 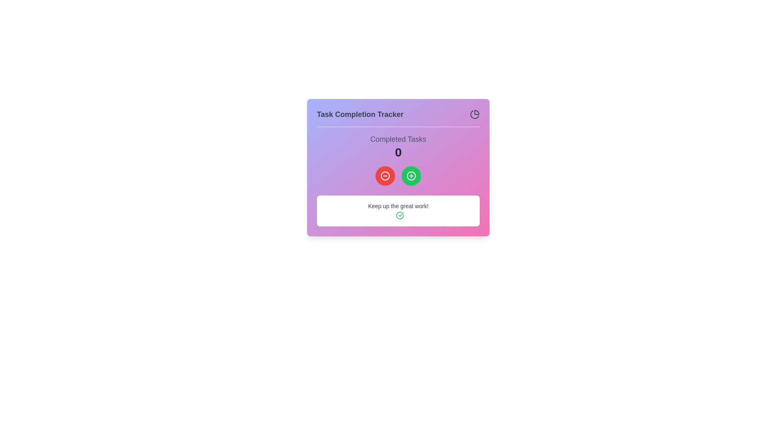 What do you see at coordinates (384, 176) in the screenshot?
I see `the red button located below the 'Completed Tasks' label, to the left of a green circular icon with a '+' symbol` at bounding box center [384, 176].